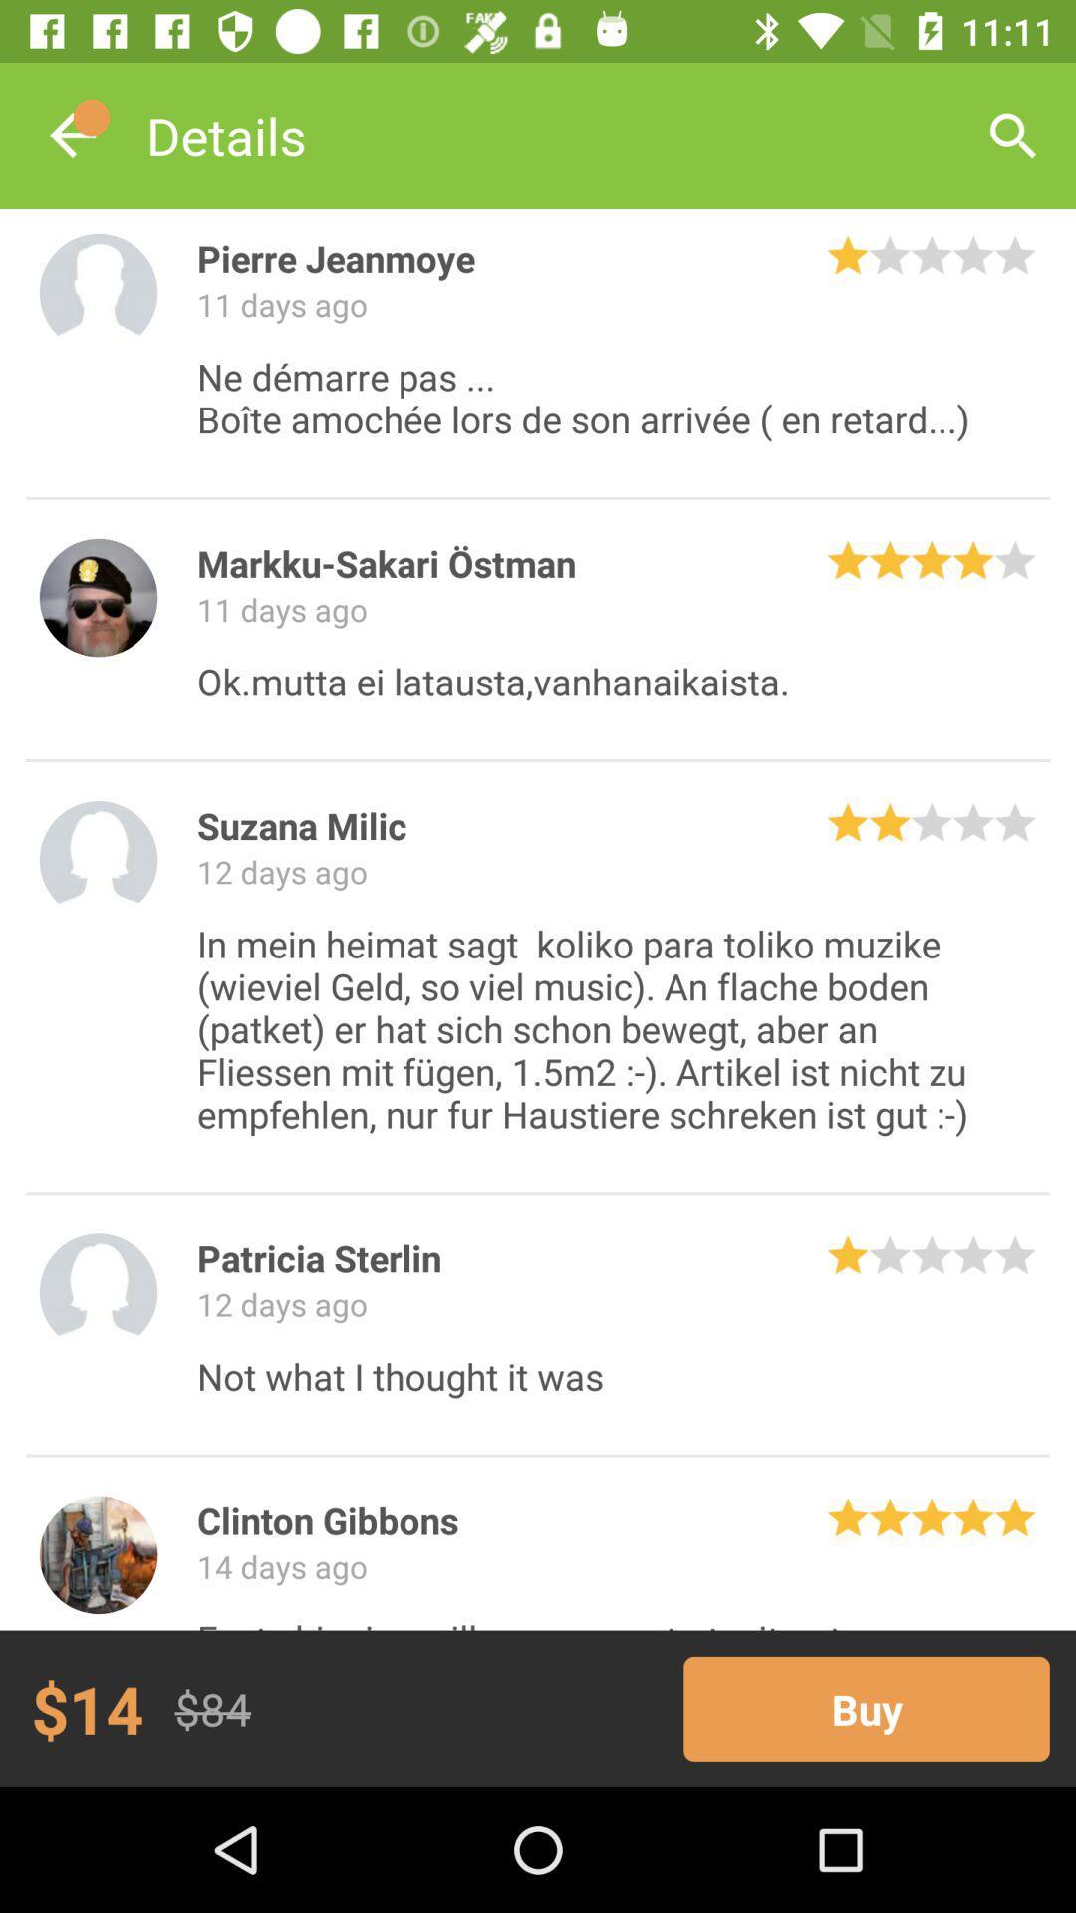  Describe the element at coordinates (1013, 135) in the screenshot. I see `the icon next to details item` at that location.